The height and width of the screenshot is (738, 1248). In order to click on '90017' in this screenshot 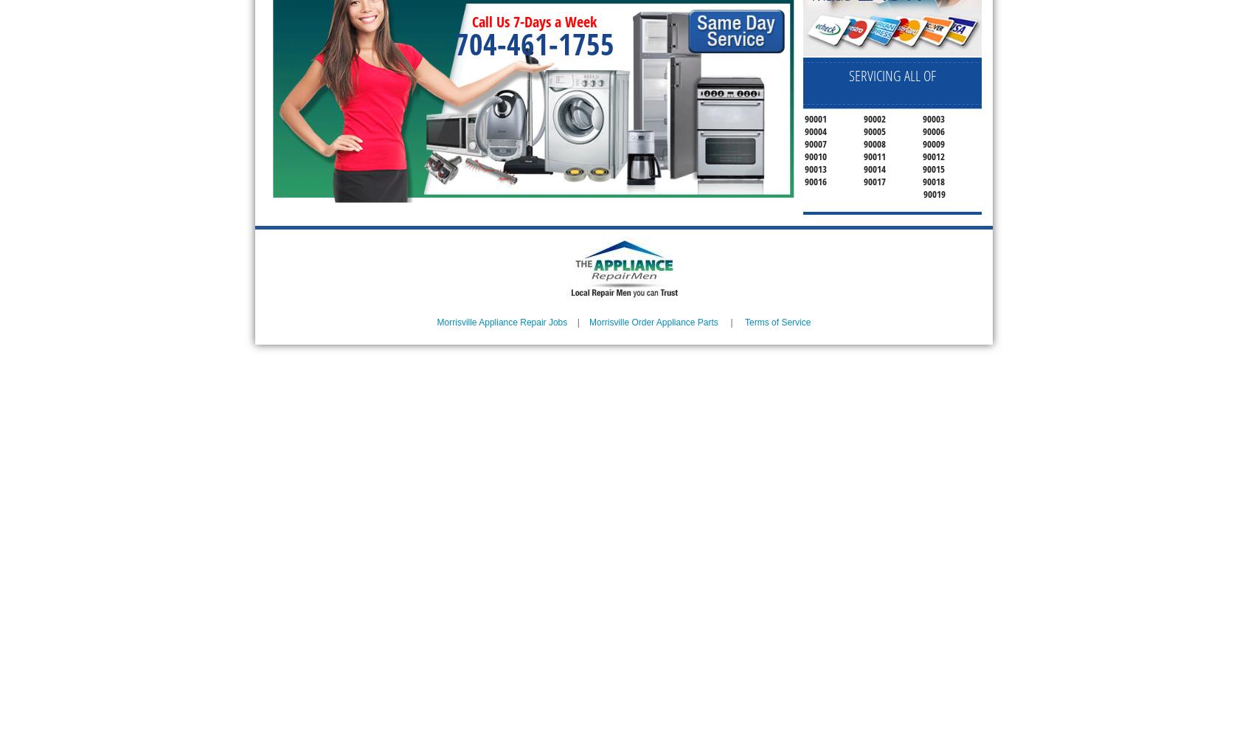, I will do `click(873, 180)`.